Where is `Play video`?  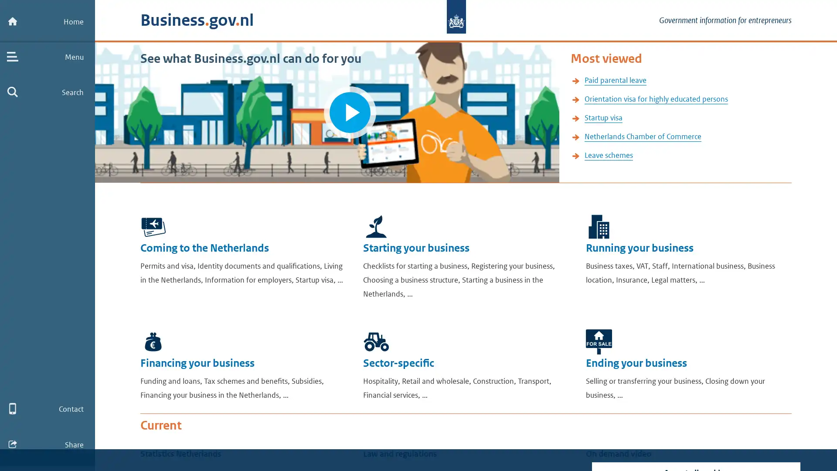
Play video is located at coordinates (349, 112).